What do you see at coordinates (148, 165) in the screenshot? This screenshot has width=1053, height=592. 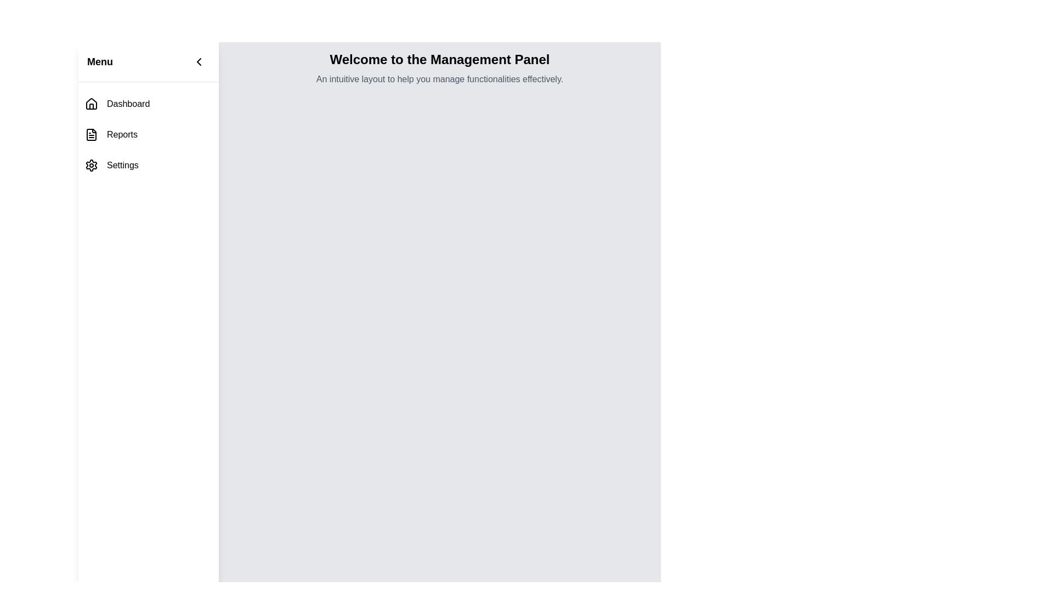 I see `the third navigation menu item that directs to settings or configuration options` at bounding box center [148, 165].